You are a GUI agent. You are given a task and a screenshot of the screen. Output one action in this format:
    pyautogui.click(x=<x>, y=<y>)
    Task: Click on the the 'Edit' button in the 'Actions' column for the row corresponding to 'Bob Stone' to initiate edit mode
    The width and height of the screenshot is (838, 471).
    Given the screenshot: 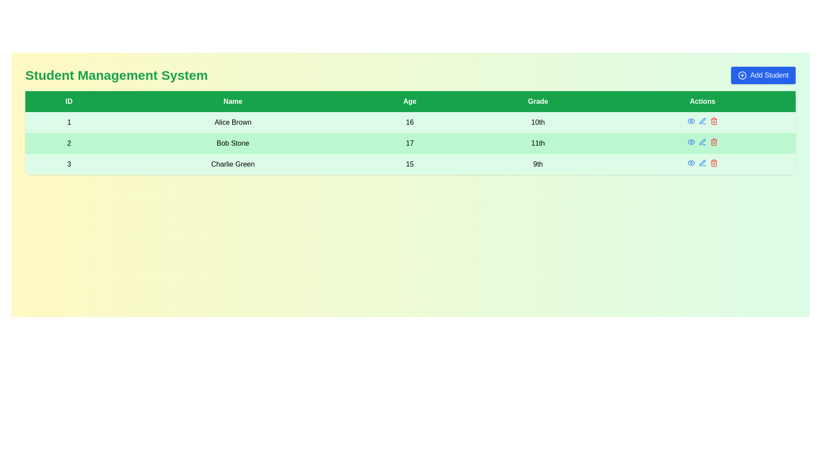 What is the action you would take?
    pyautogui.click(x=702, y=142)
    